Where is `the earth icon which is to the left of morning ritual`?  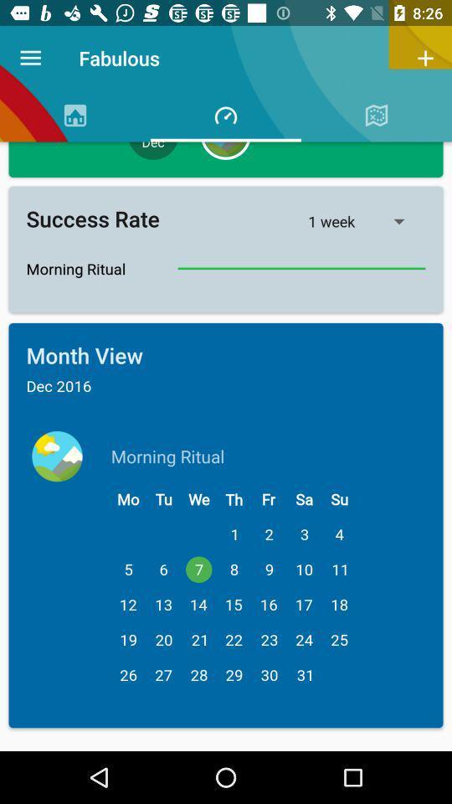 the earth icon which is to the left of morning ritual is located at coordinates (56, 456).